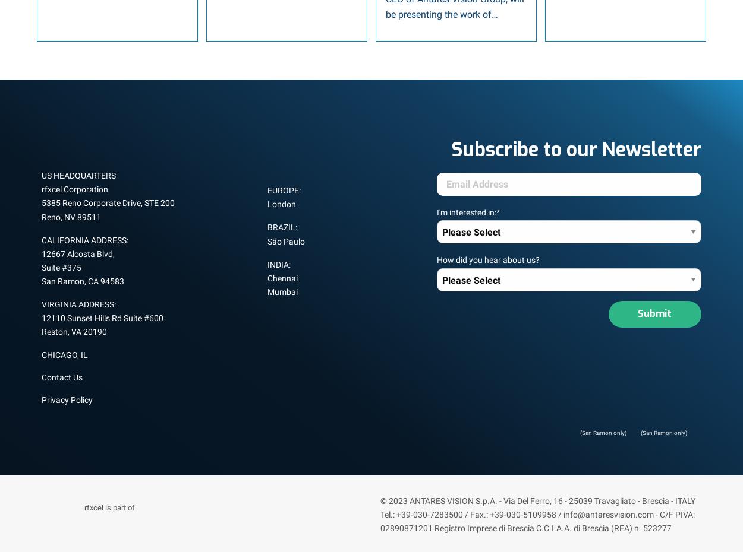  What do you see at coordinates (284, 190) in the screenshot?
I see `'EUROPE:'` at bounding box center [284, 190].